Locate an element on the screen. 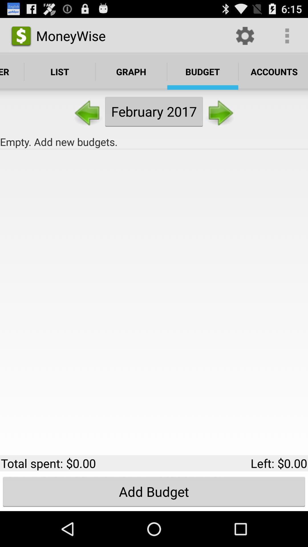 The width and height of the screenshot is (308, 547). the add budget is located at coordinates (154, 491).